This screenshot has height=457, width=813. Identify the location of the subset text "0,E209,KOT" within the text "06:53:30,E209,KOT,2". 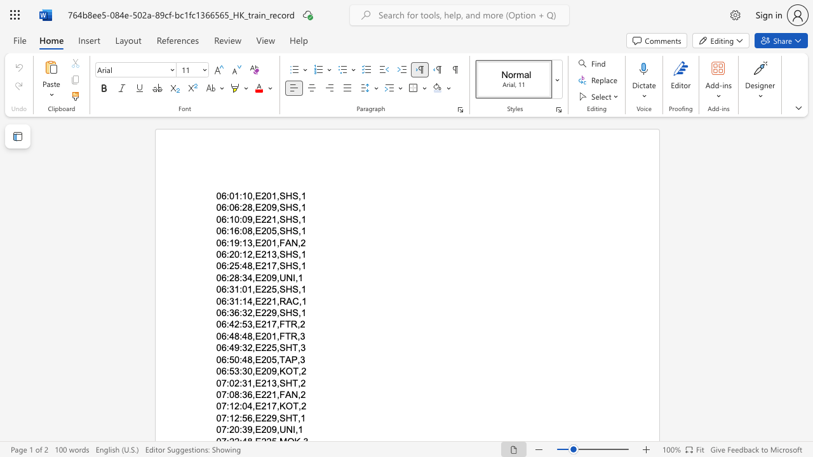
(247, 371).